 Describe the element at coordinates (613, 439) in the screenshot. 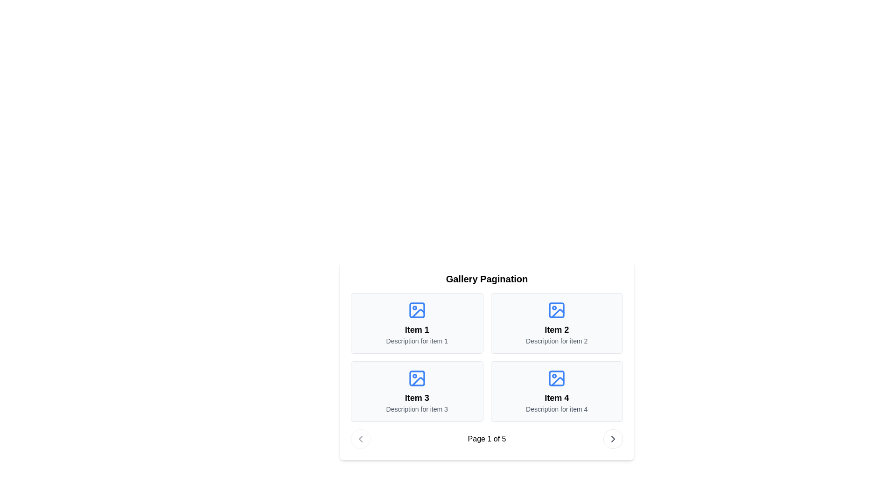

I see `the 'Next' button icon located in the bottom-right of the 'Gallery Pagination' section` at that location.